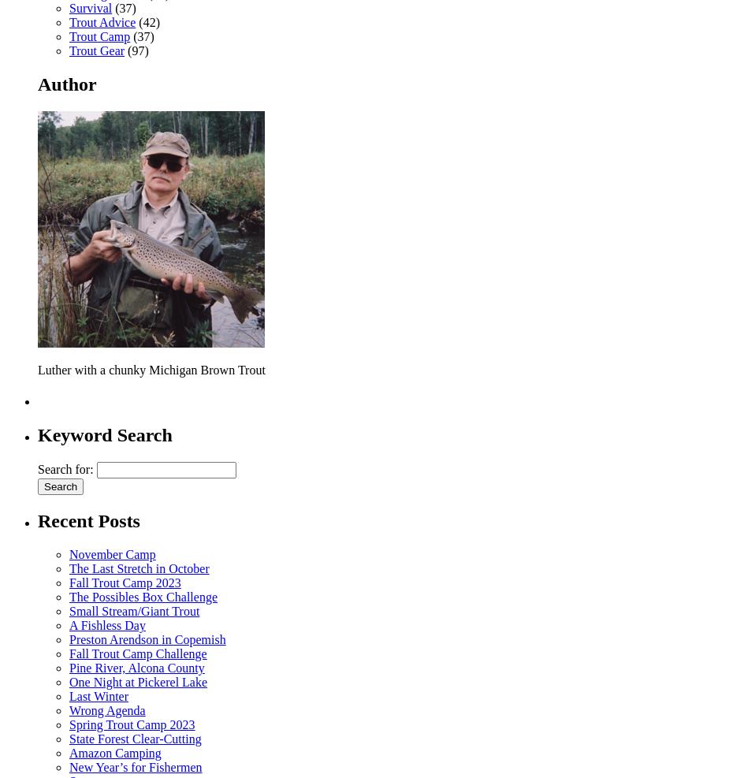 This screenshot has height=778, width=755. Describe the element at coordinates (125, 581) in the screenshot. I see `'Fall Trout Camp 2023'` at that location.